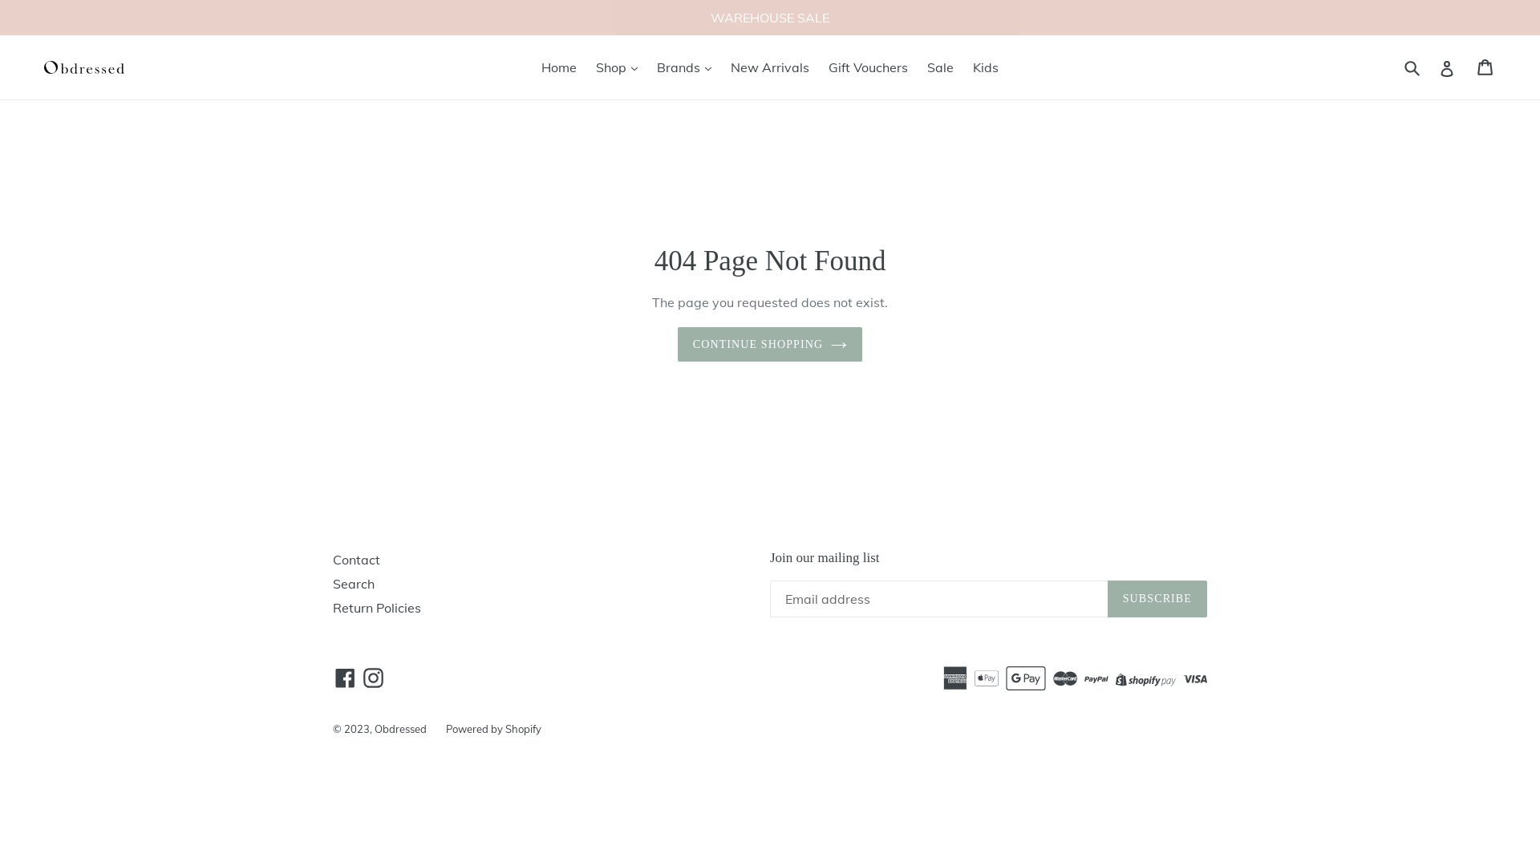 The width and height of the screenshot is (1540, 866). I want to click on 'Home', so click(558, 67).